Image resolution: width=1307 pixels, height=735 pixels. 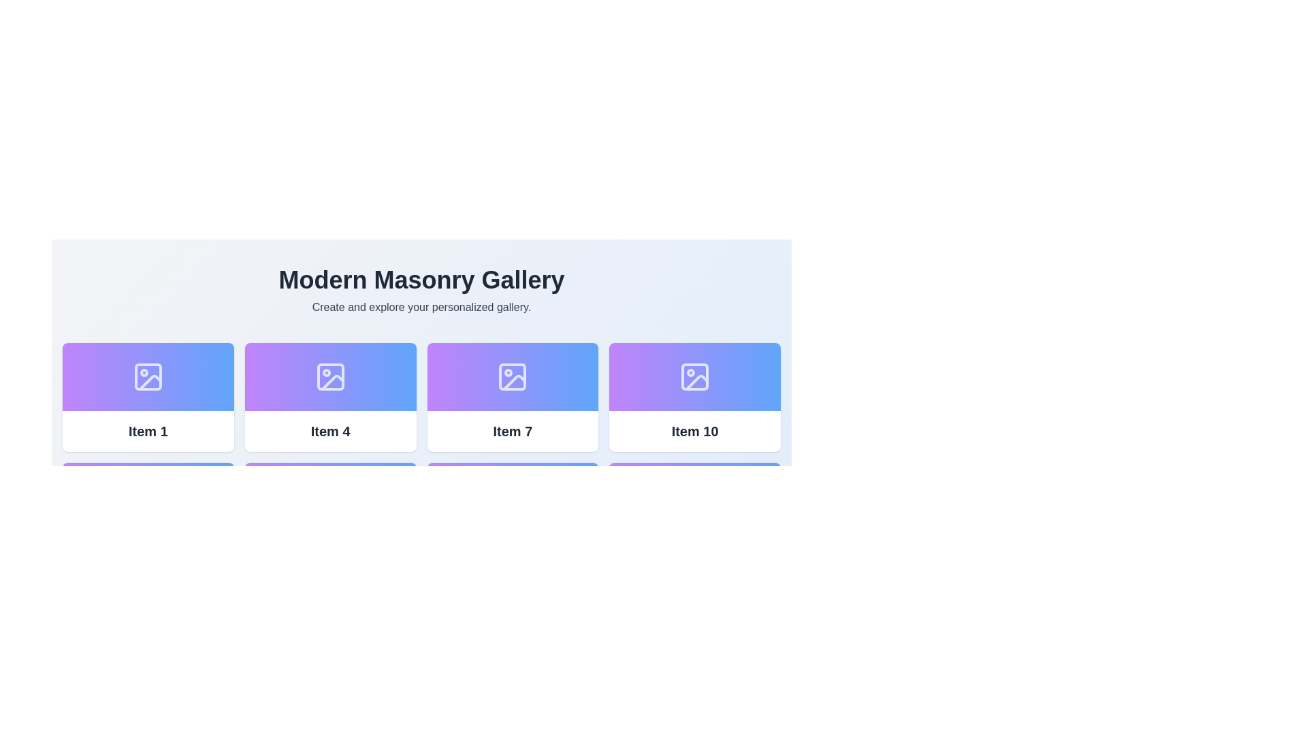 I want to click on the Text label within the card labeled 'Item 7', which is the main text in the third card of the grid layout under 'Modern Masonry Gallery', so click(x=512, y=431).